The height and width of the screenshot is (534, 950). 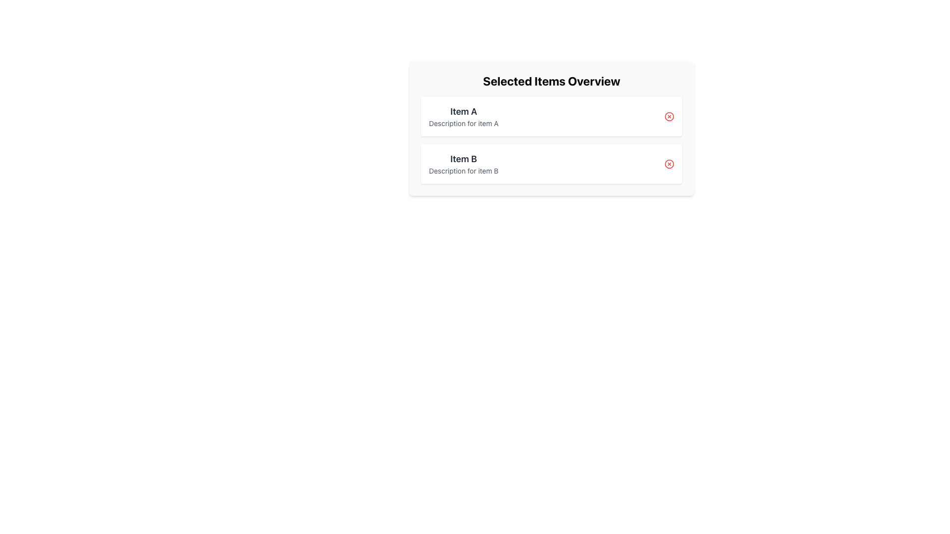 I want to click on the text block that presents the name and description of 'Item A' within the first item card under the 'Selected Items Overview' section, so click(x=463, y=116).